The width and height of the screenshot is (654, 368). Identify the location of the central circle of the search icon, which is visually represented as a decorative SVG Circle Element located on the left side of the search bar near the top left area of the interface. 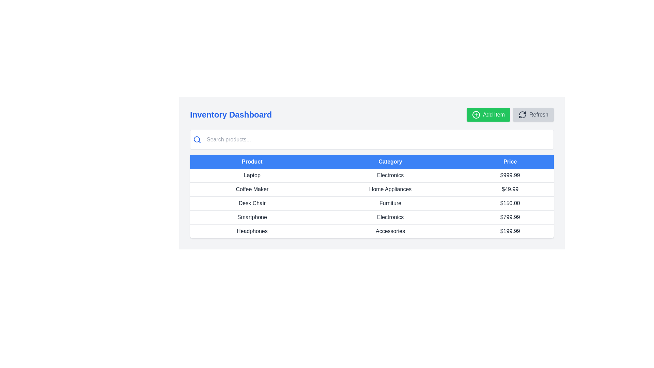
(196, 139).